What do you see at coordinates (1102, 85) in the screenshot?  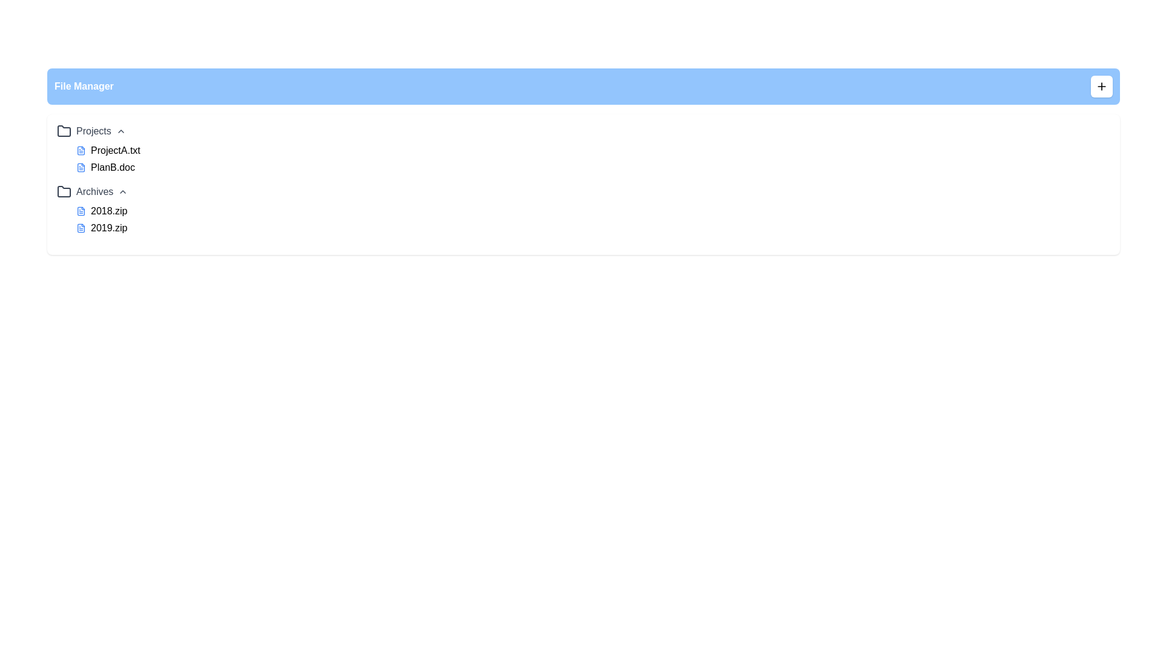 I see `the button located at the far right end of the blue banner labeled 'File Manager'` at bounding box center [1102, 85].